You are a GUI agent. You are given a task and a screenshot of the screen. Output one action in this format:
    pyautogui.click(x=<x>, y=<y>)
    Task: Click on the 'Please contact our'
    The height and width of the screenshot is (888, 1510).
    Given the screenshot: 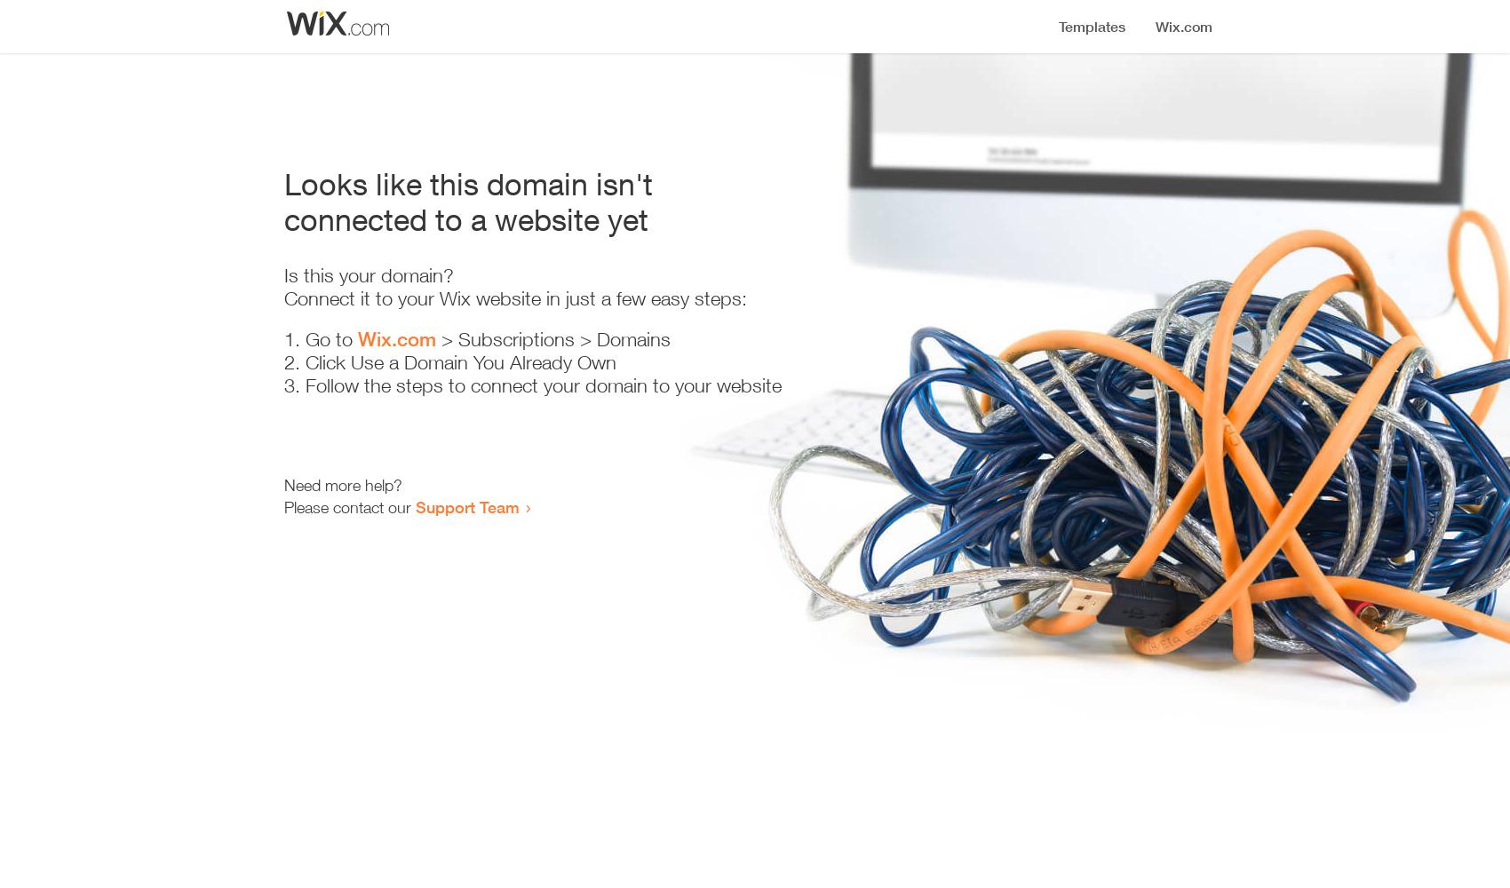 What is the action you would take?
    pyautogui.click(x=349, y=506)
    